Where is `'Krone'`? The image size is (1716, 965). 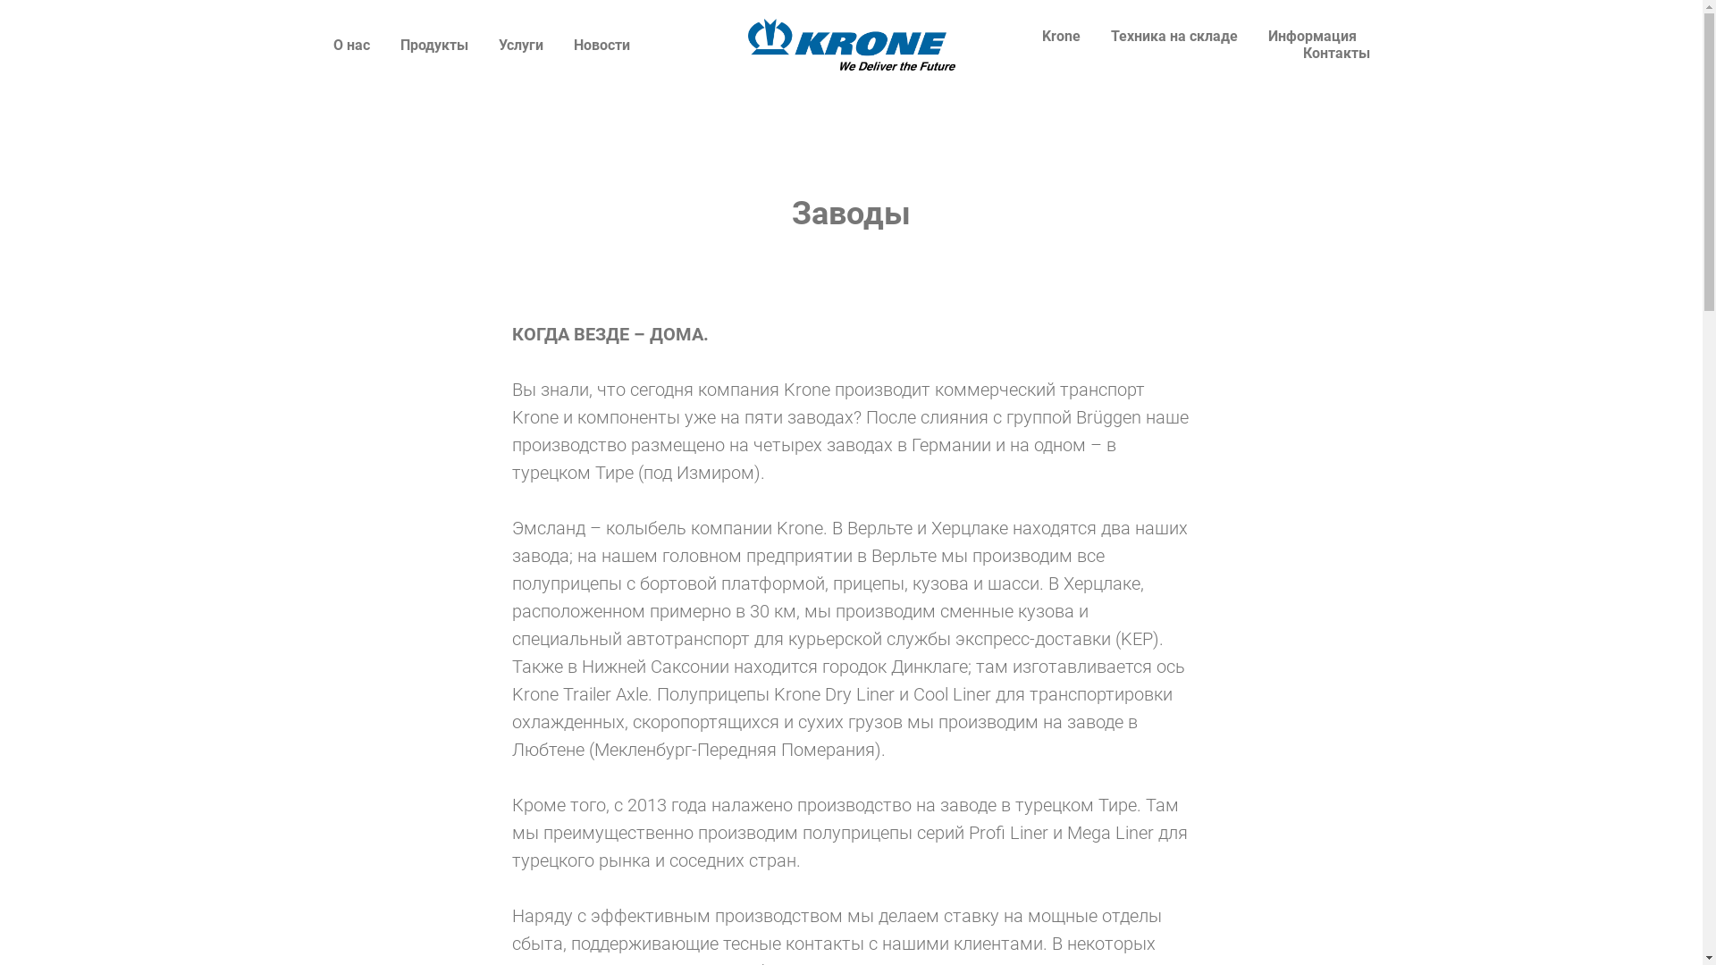 'Krone' is located at coordinates (1061, 36).